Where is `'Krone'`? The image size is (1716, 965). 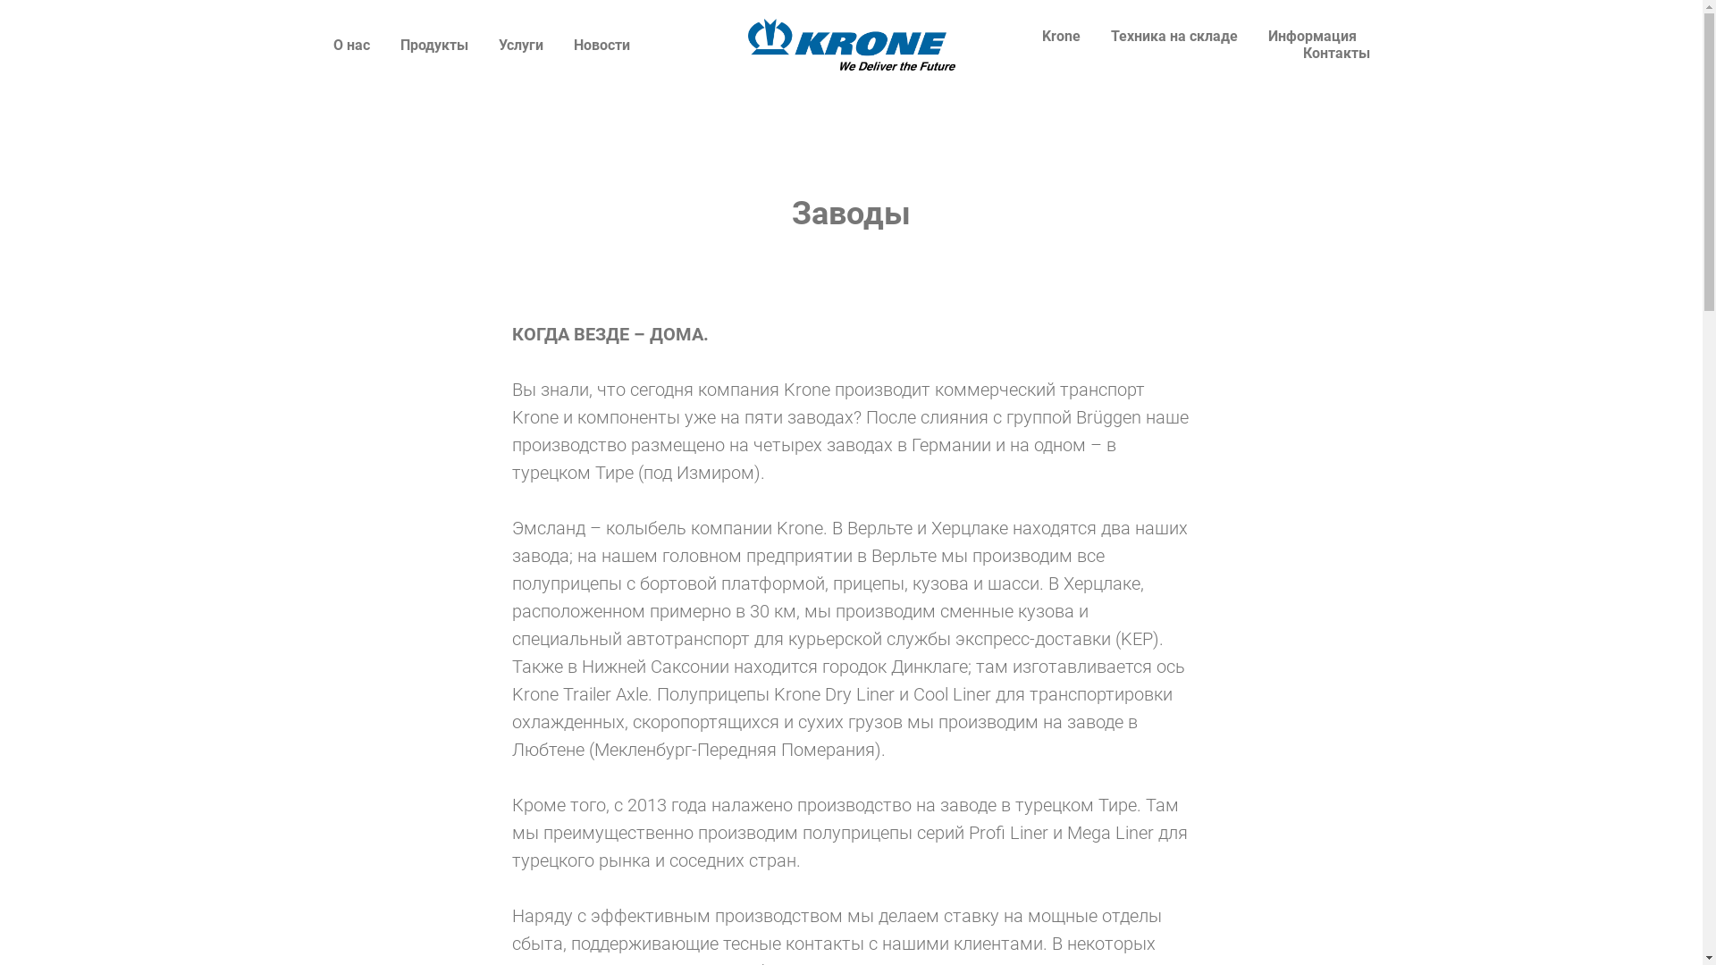 'Krone' is located at coordinates (1061, 36).